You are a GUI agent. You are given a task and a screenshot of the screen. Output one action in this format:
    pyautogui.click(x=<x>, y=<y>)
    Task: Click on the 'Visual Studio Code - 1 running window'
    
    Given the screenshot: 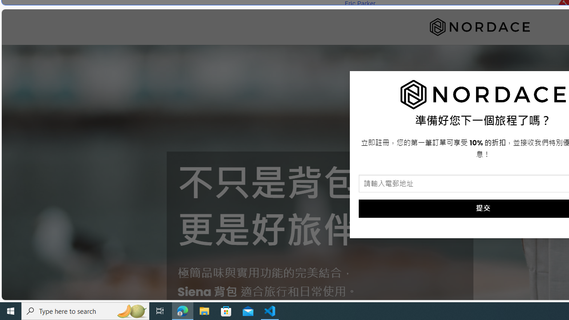 What is the action you would take?
    pyautogui.click(x=269, y=310)
    